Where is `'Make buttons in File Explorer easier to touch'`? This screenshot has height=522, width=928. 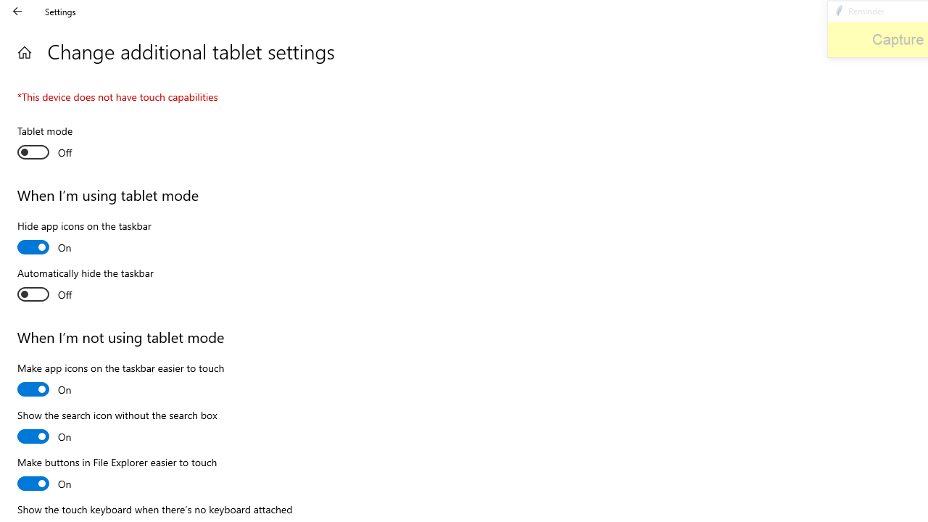 'Make buttons in File Explorer easier to touch' is located at coordinates (117, 475).